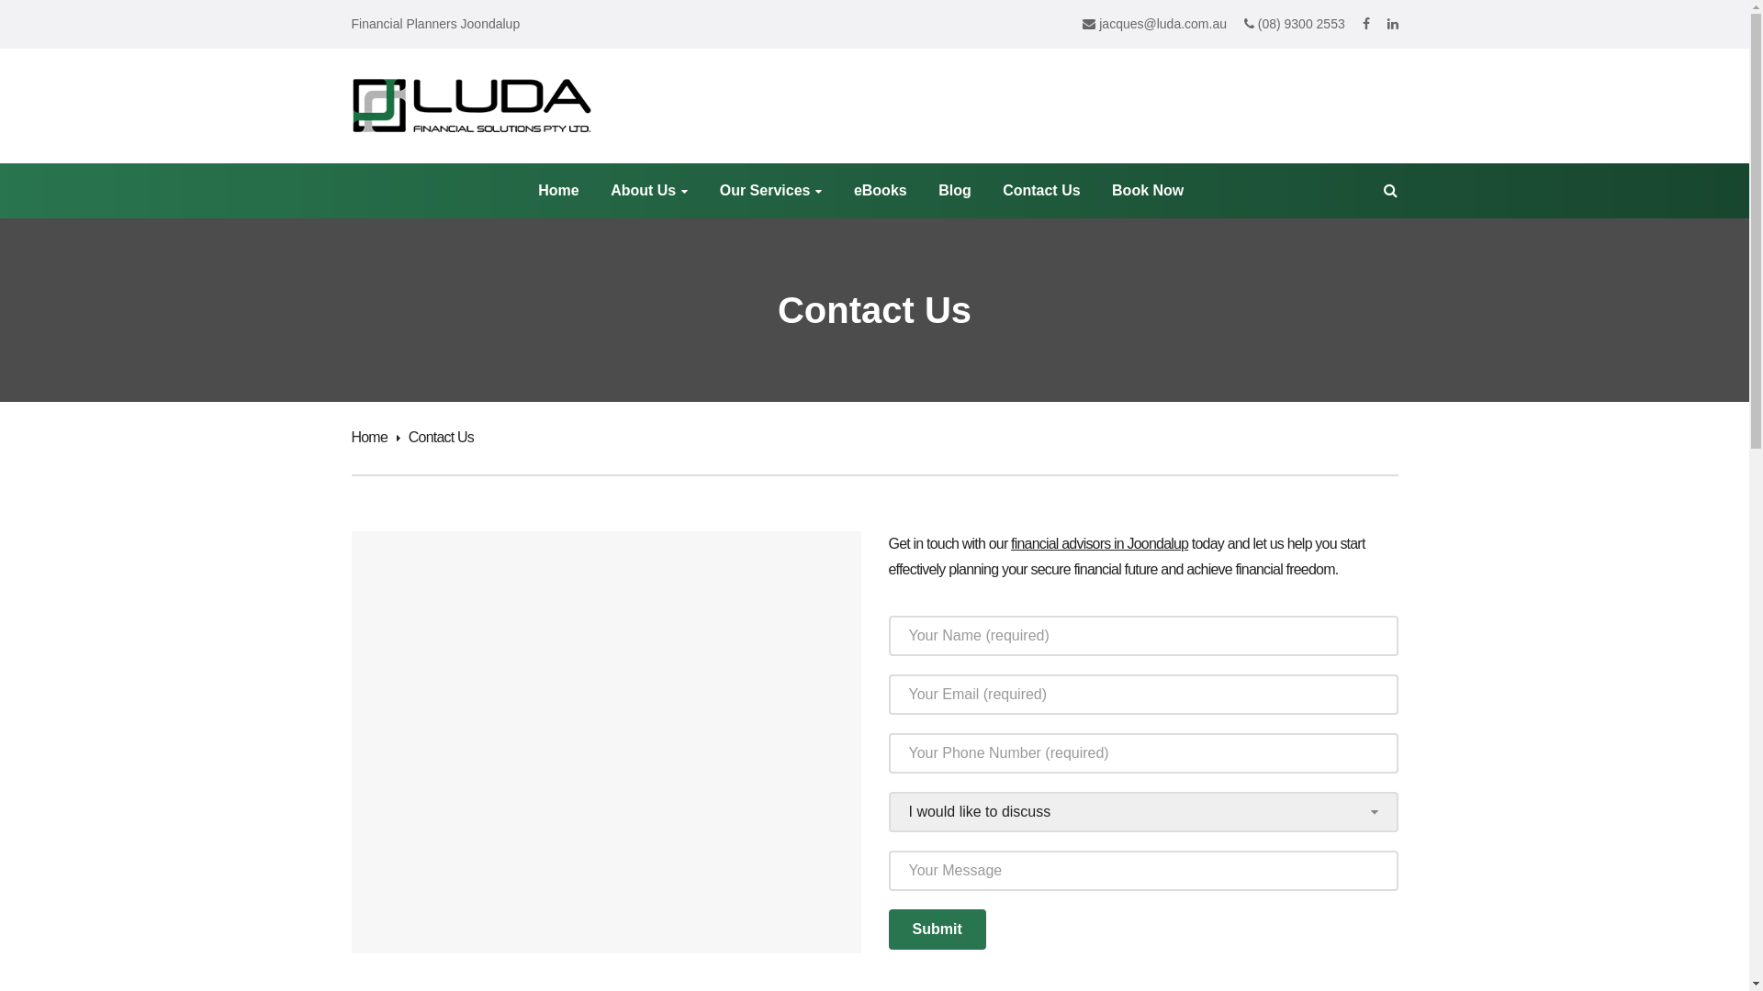  I want to click on '(08) 9300 2553', so click(1294, 24).